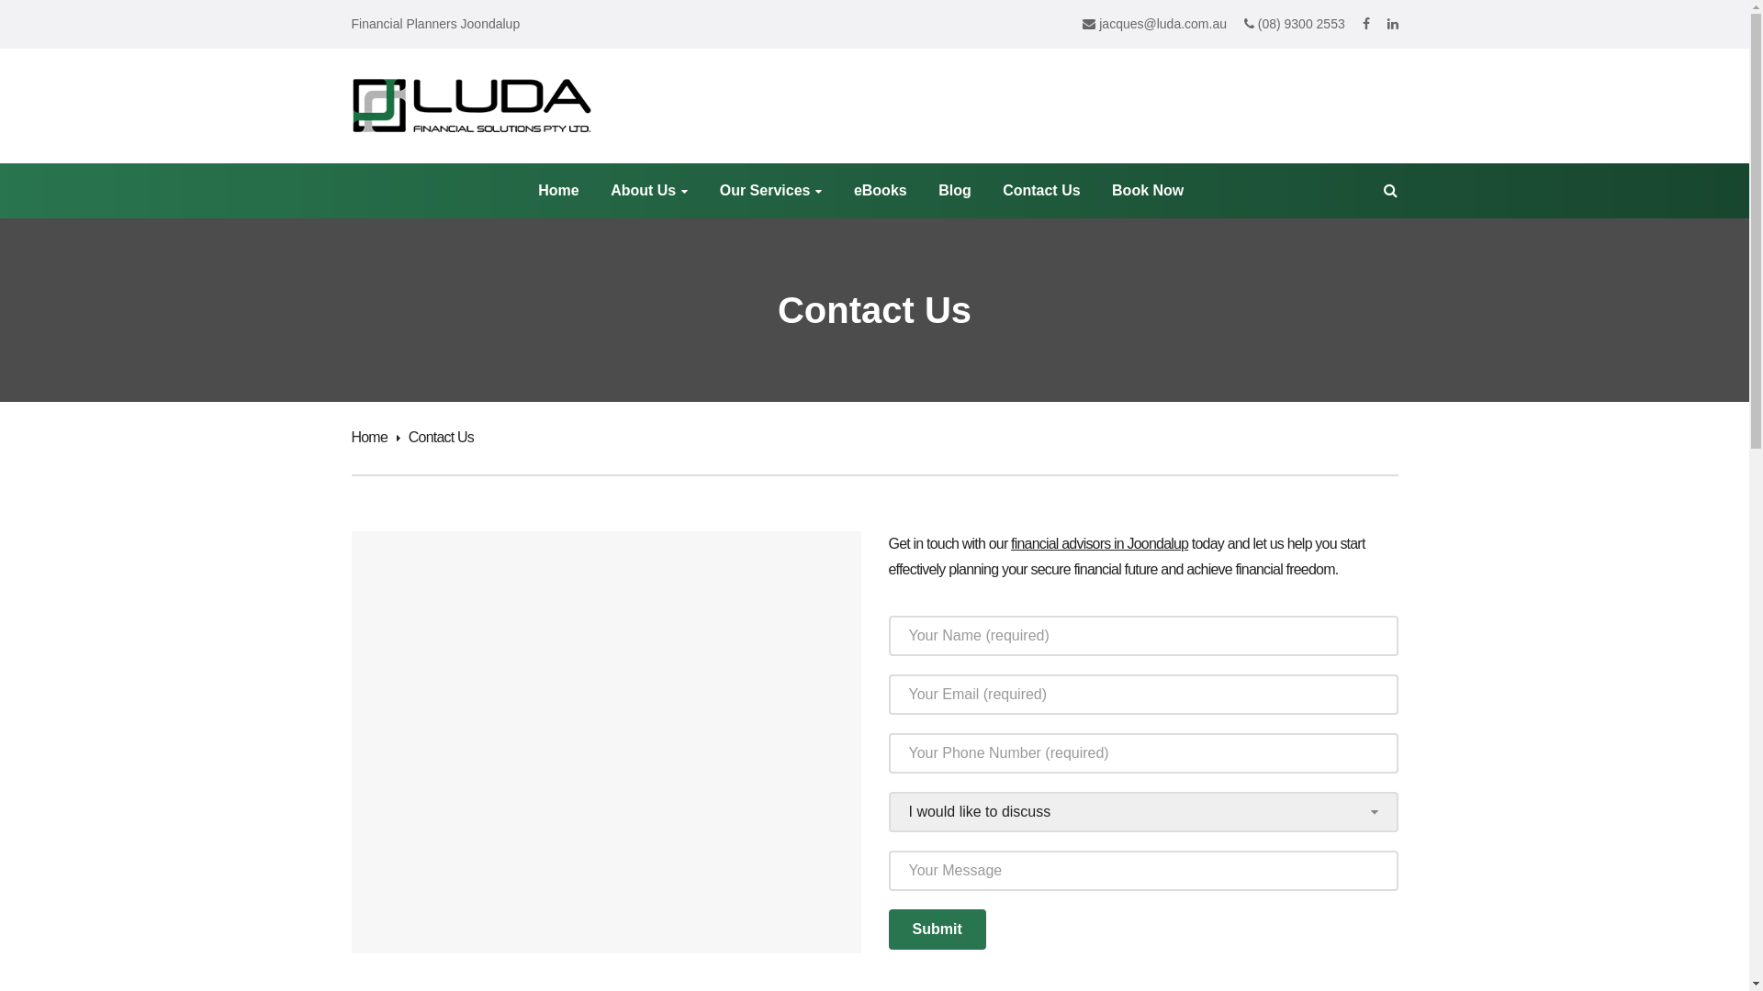  I want to click on '(08) 9300 2553', so click(1294, 24).